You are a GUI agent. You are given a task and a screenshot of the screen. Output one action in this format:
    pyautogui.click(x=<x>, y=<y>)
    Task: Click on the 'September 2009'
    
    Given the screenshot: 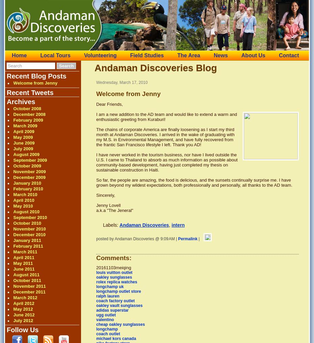 What is the action you would take?
    pyautogui.click(x=30, y=160)
    